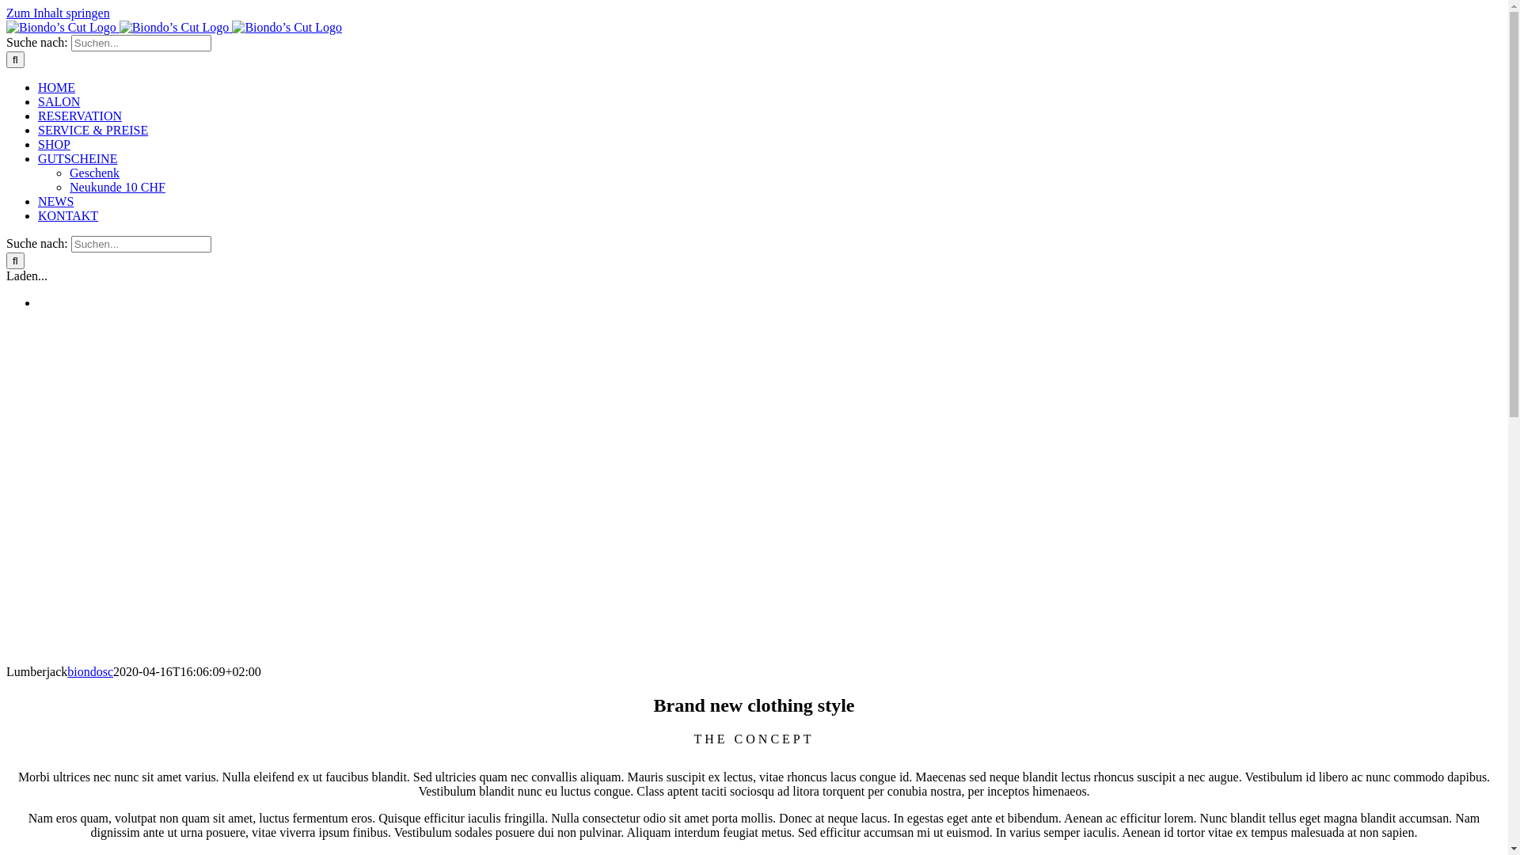  What do you see at coordinates (89, 671) in the screenshot?
I see `'biondosc'` at bounding box center [89, 671].